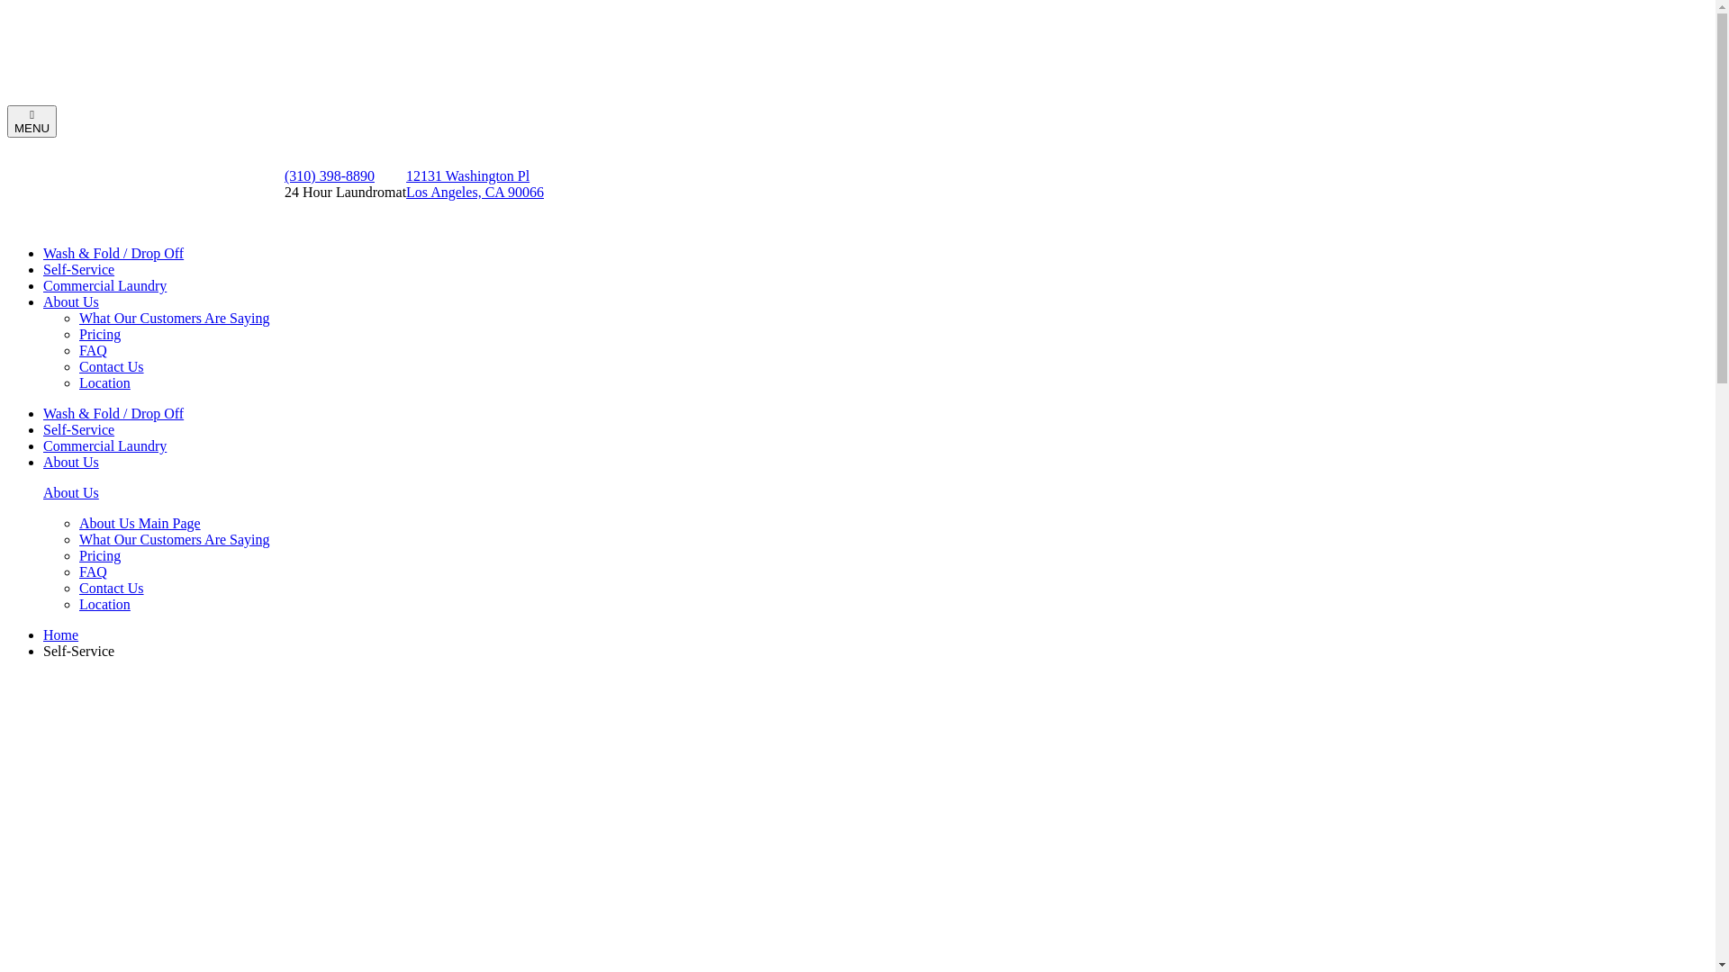  What do you see at coordinates (174, 538) in the screenshot?
I see `'What Our Customers Are Saying'` at bounding box center [174, 538].